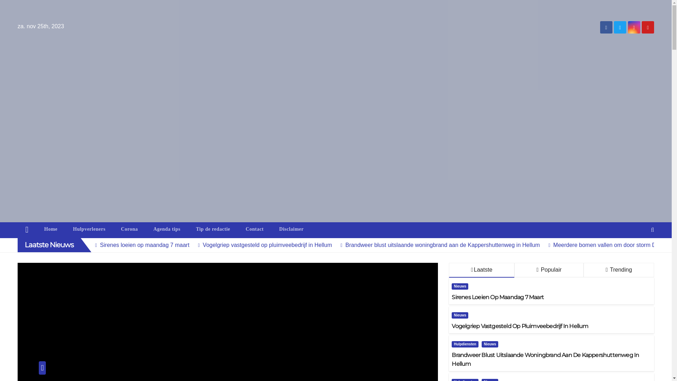  What do you see at coordinates (452, 344) in the screenshot?
I see `'Hulpdiensten'` at bounding box center [452, 344].